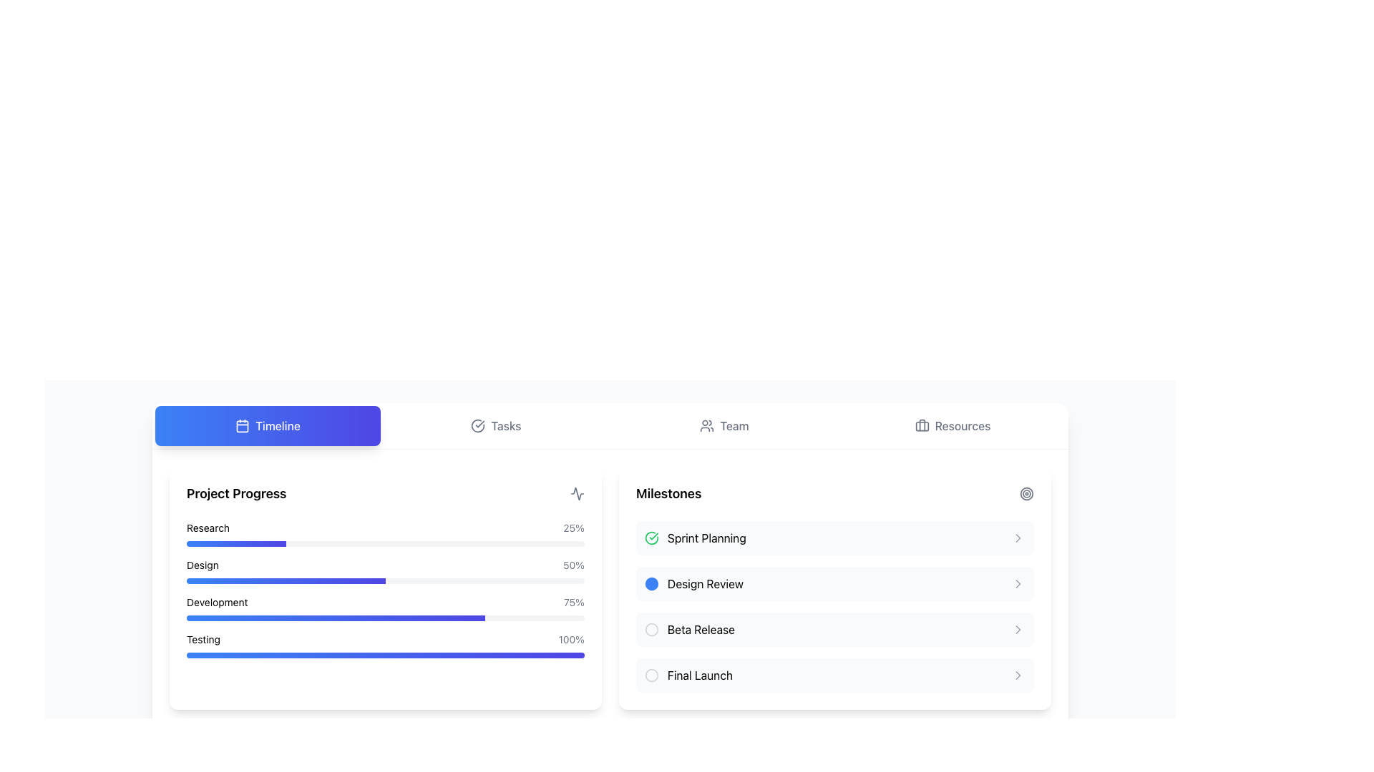  What do you see at coordinates (651, 584) in the screenshot?
I see `the Icon that signifies the current state or completion status of the 'Design Review' milestone in the Milestones section, located to the left of the 'Design Review' milestone label` at bounding box center [651, 584].